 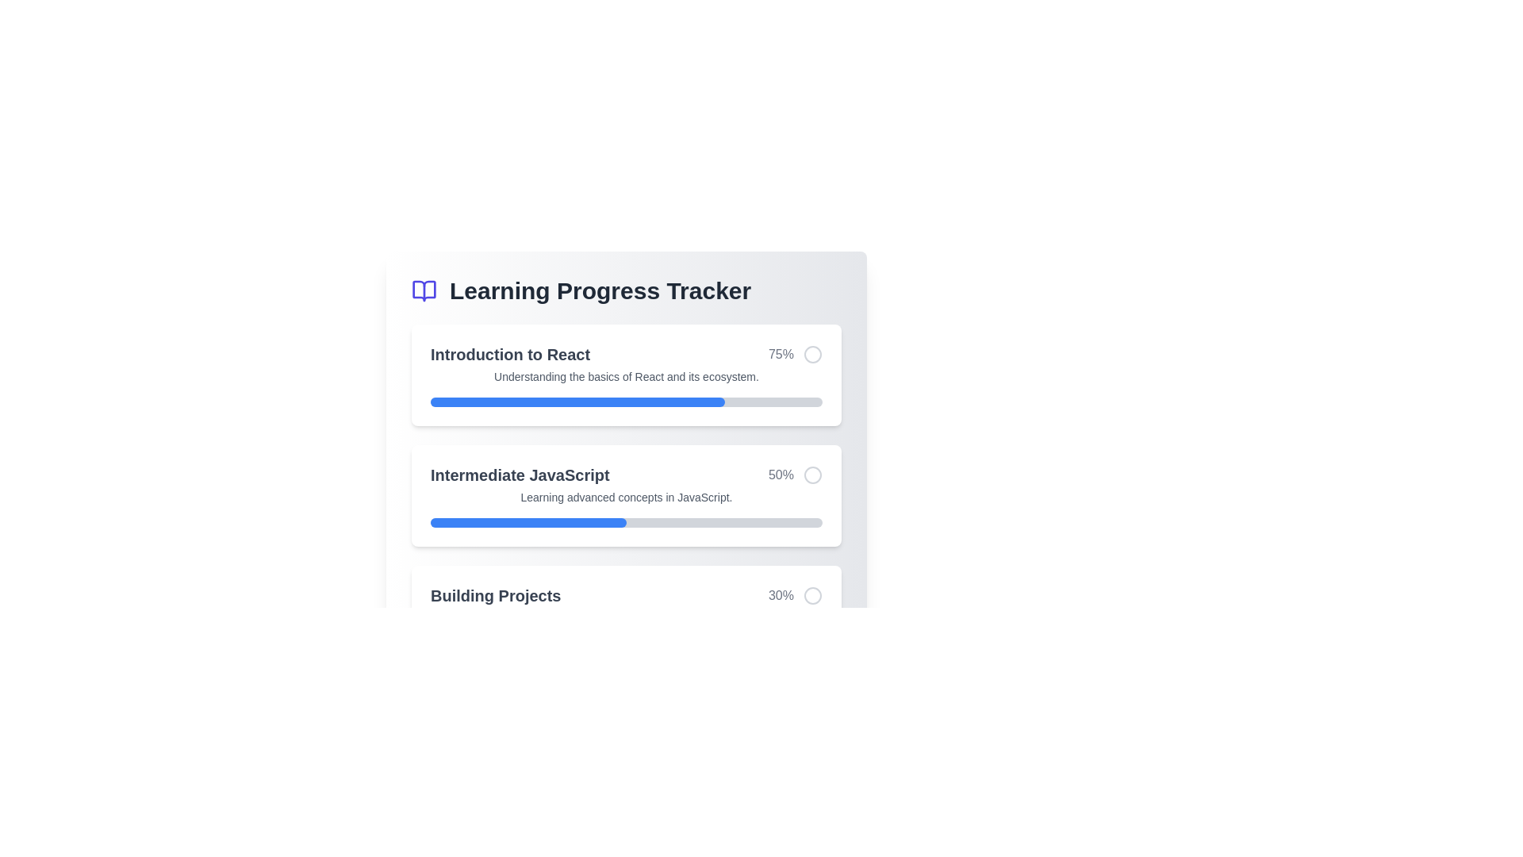 I want to click on text content of the Plain text element displaying '50%' located in the center-right area of the second progress tracker section adjacent to a circular icon, so click(x=781, y=474).